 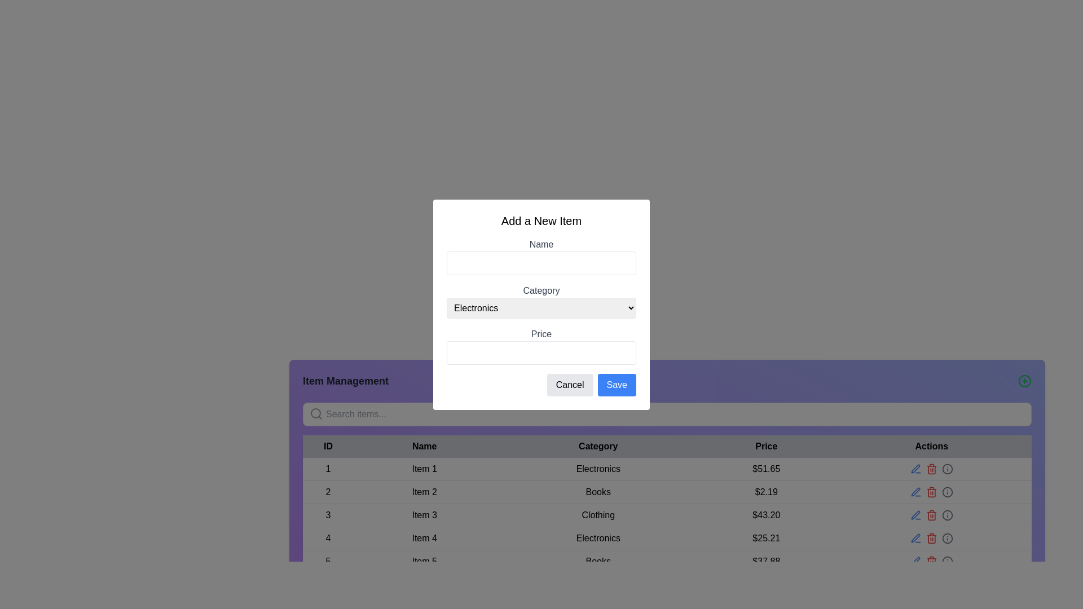 What do you see at coordinates (327, 469) in the screenshot?
I see `the number '1' displayed in black font located at the top of the 'ID' column of the data table` at bounding box center [327, 469].